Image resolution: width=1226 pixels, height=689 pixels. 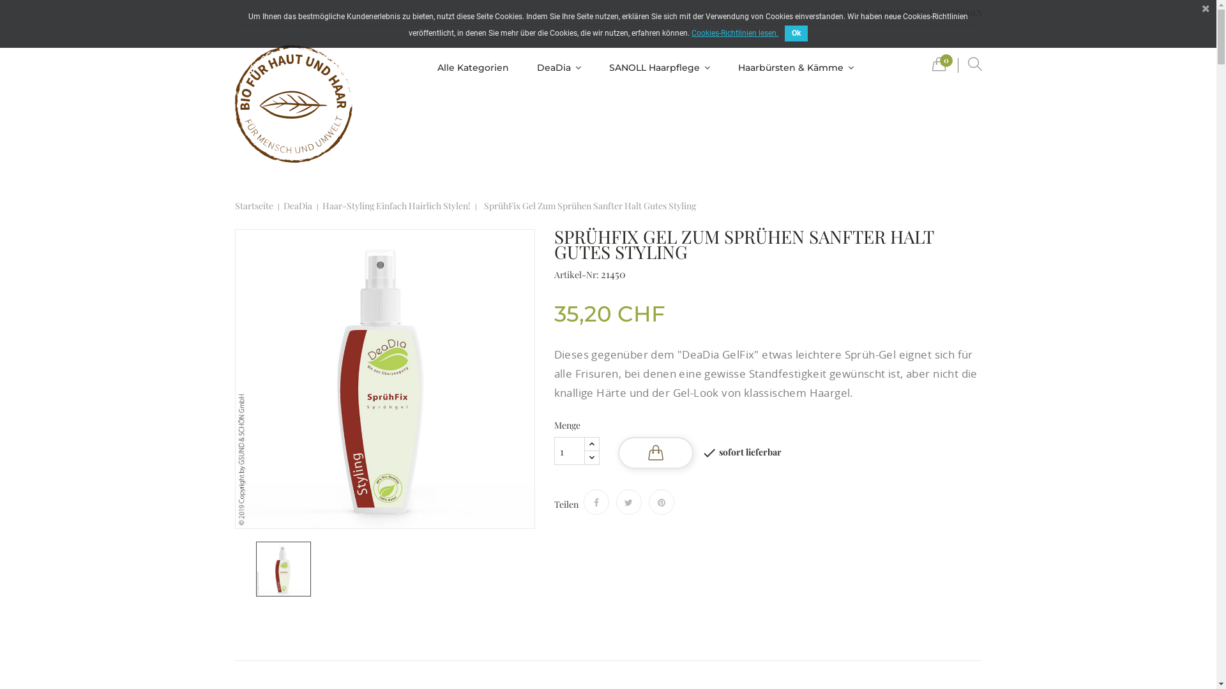 What do you see at coordinates (596, 501) in the screenshot?
I see `'Teilen'` at bounding box center [596, 501].